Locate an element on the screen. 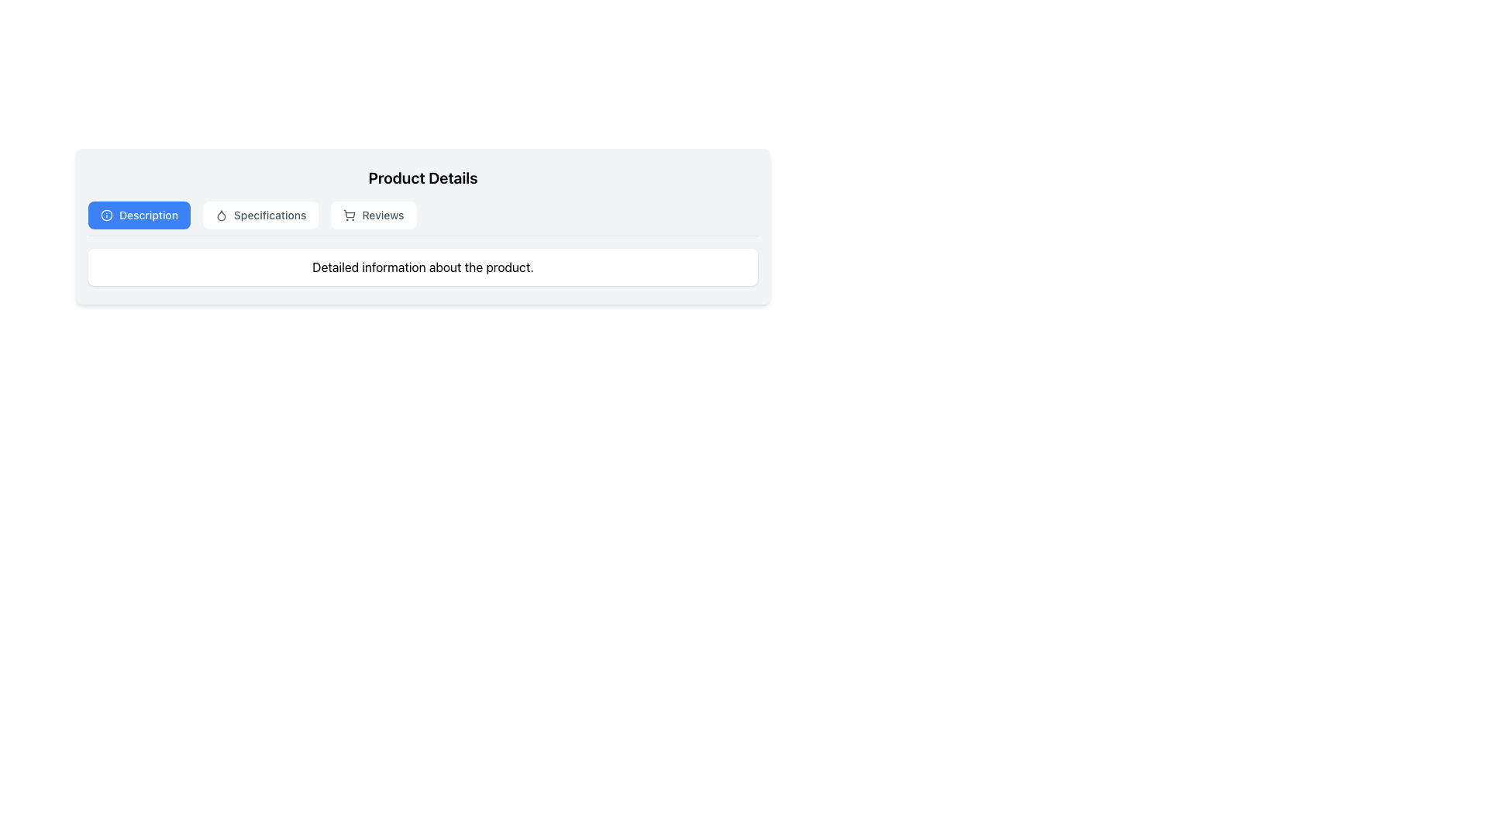  the circular information icon located to the left of the 'Description' text in the navigation tab group to trigger a tooltip is located at coordinates (106, 215).